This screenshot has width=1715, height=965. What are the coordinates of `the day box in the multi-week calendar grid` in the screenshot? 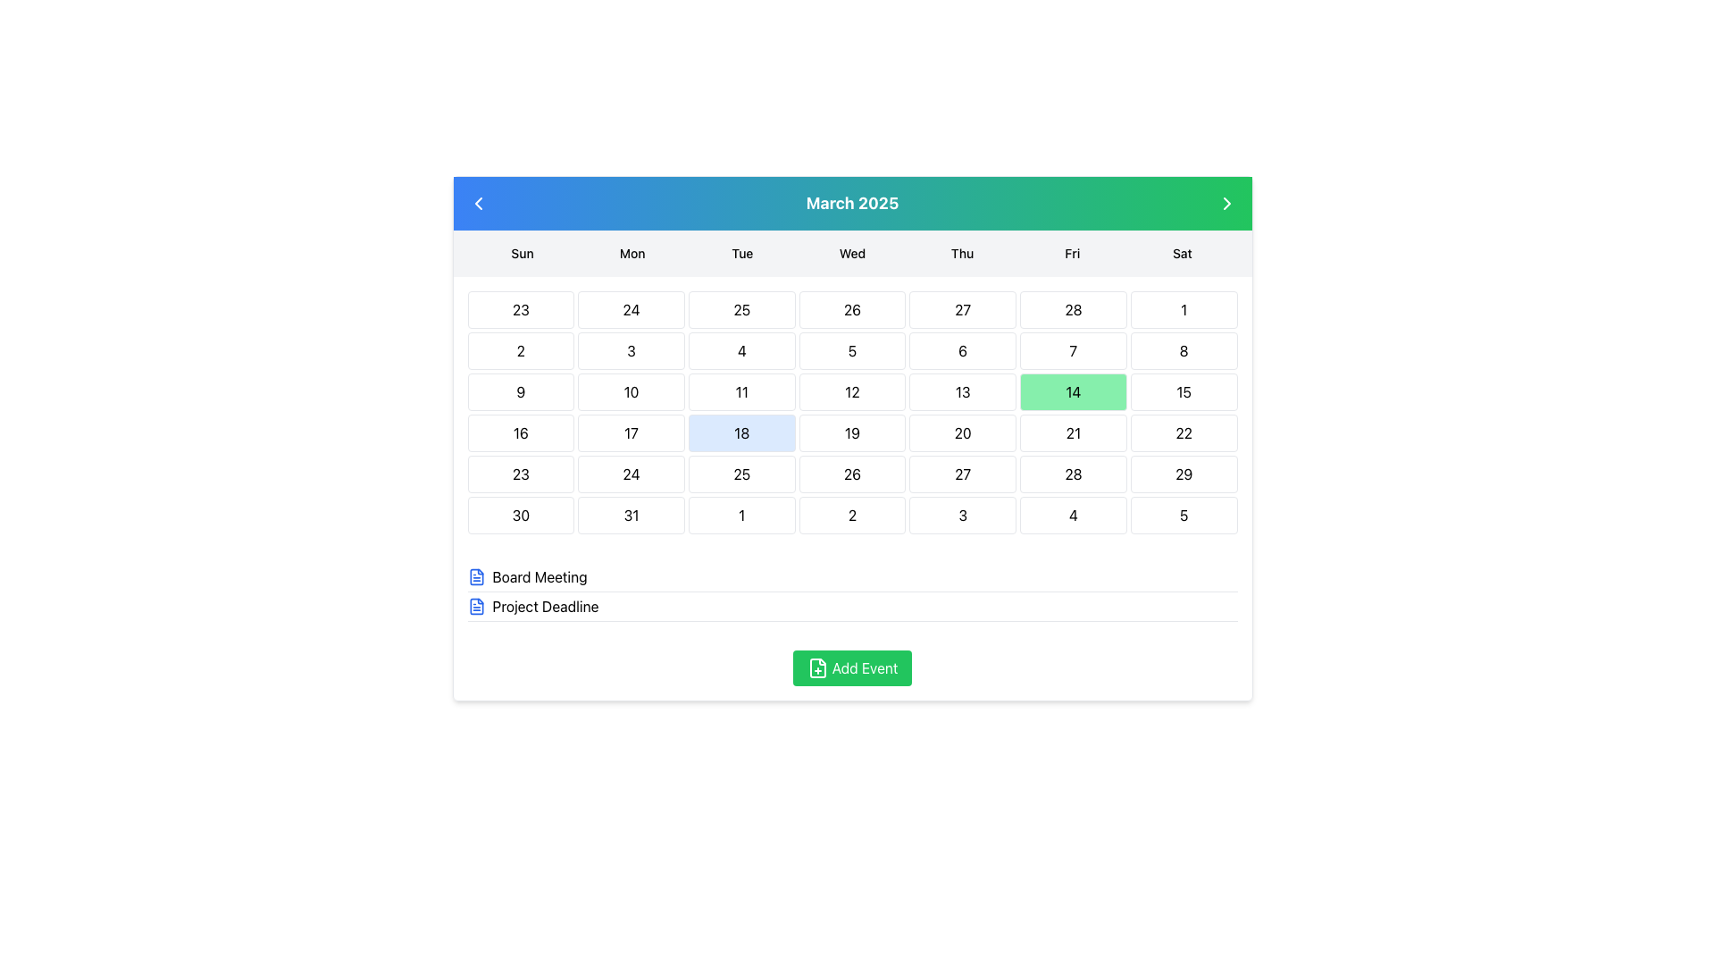 It's located at (851, 413).